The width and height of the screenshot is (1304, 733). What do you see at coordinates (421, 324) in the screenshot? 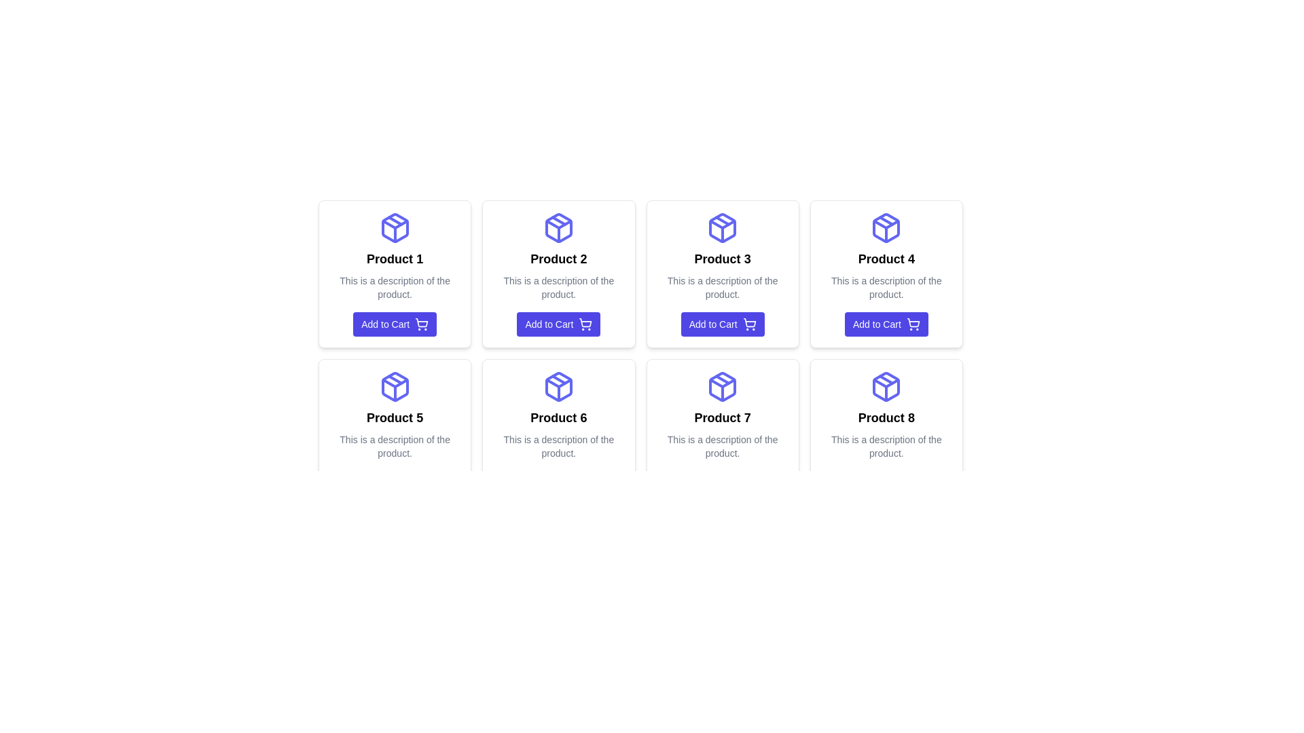
I see `the 'Add to Cart' icon located to the right of the button text under the 'Product 1' card in the top-left quadrant of the grid` at bounding box center [421, 324].